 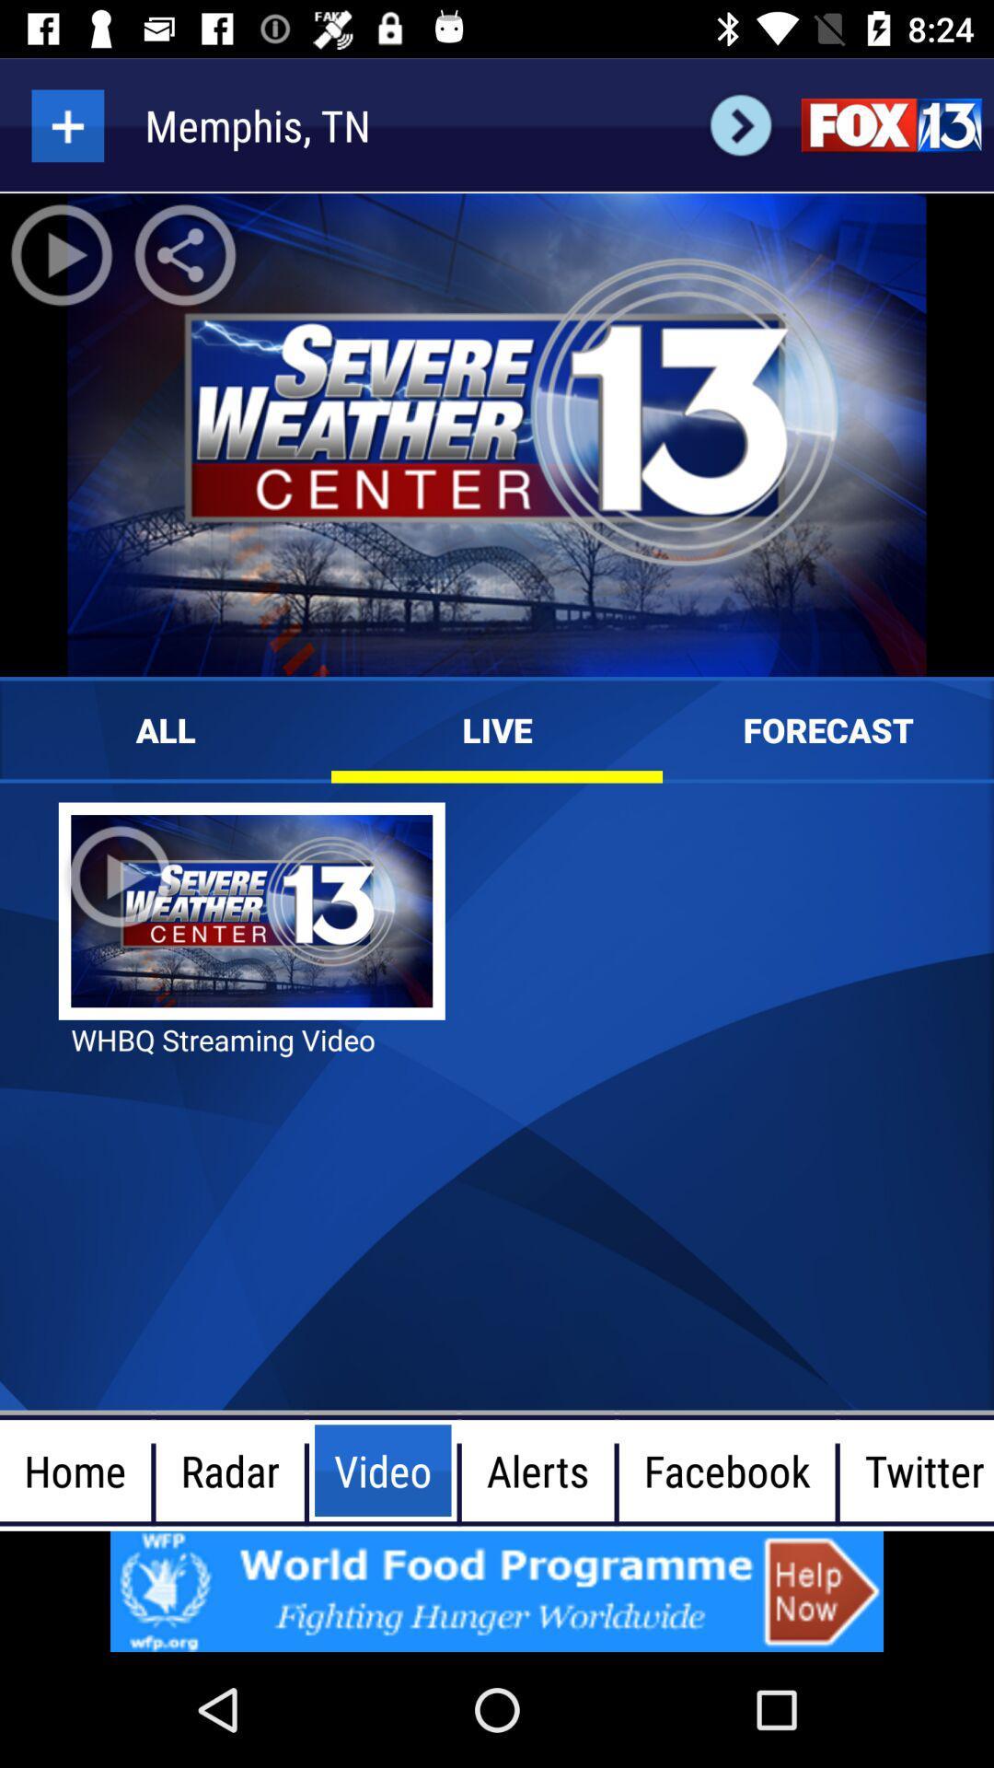 What do you see at coordinates (890, 124) in the screenshot?
I see `fox 13 site` at bounding box center [890, 124].